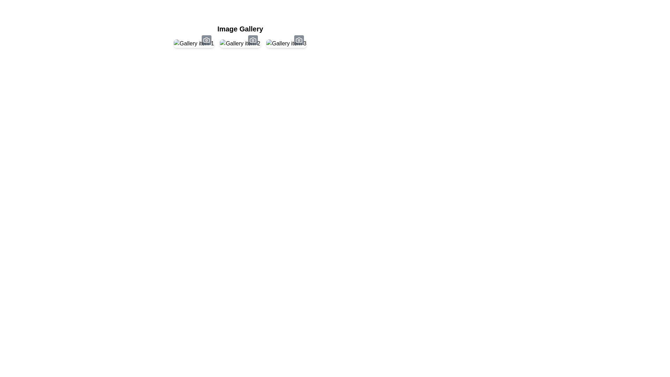 This screenshot has width=670, height=377. Describe the element at coordinates (240, 29) in the screenshot. I see `the 'Image Gallery' label at the top of the interface, styled with bold font and larger text size` at that location.